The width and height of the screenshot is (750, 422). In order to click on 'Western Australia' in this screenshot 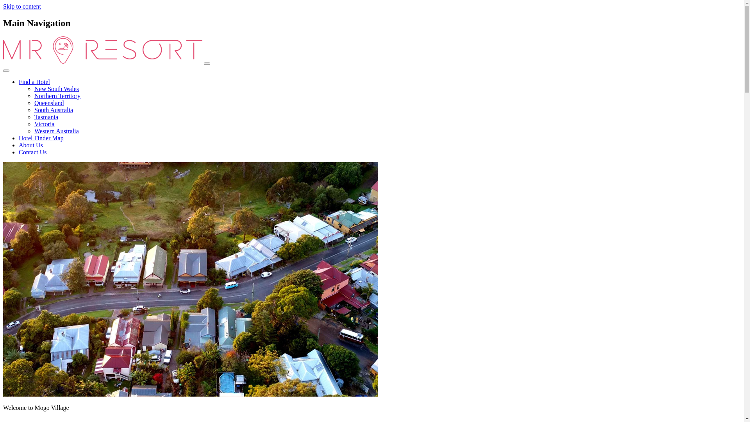, I will do `click(56, 131)`.